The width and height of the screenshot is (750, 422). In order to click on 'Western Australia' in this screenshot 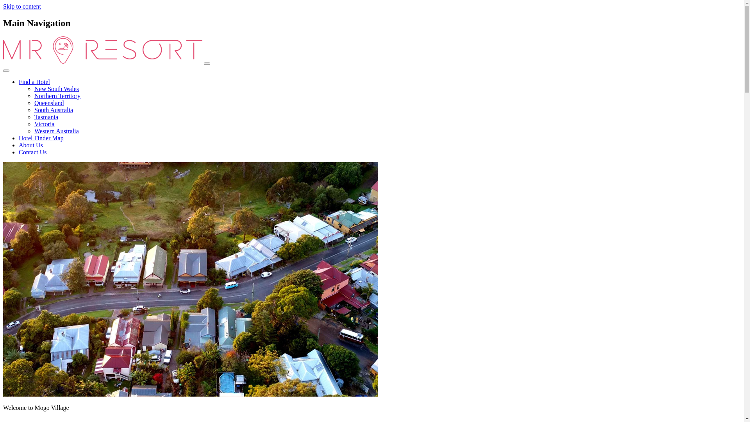, I will do `click(56, 131)`.